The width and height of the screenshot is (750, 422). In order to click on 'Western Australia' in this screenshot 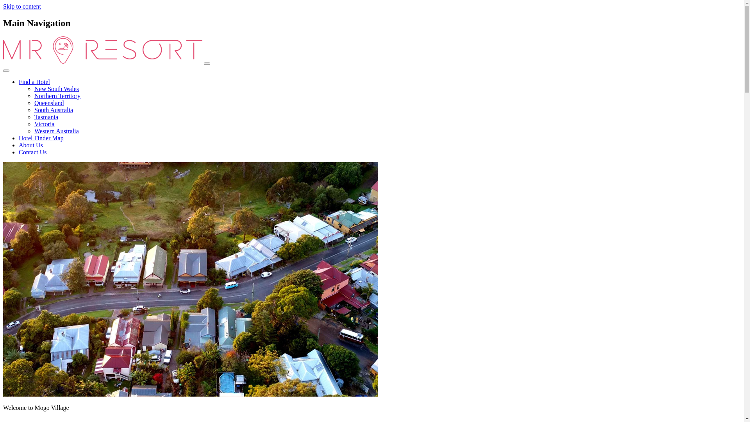, I will do `click(56, 131)`.